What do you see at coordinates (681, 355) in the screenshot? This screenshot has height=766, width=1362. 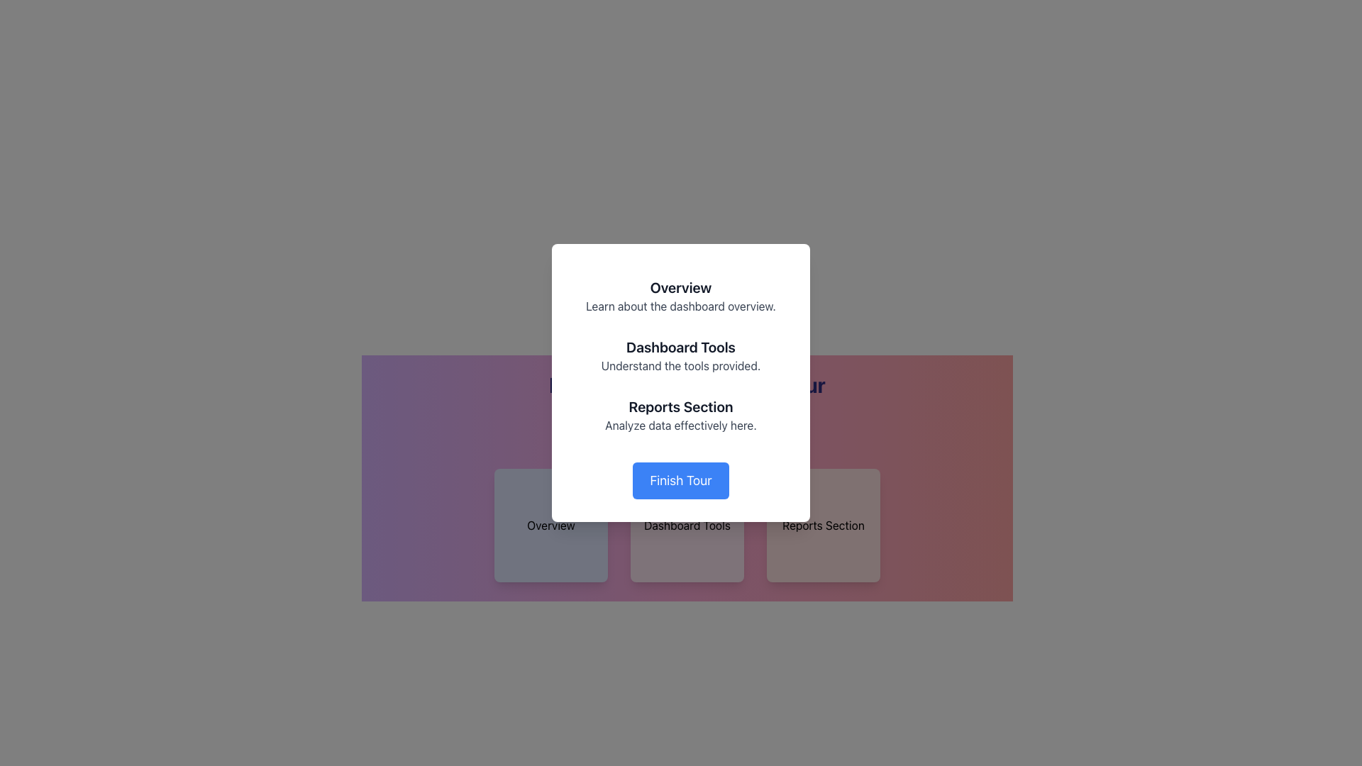 I see `information displayed in the 'Dashboard Tools' header and its subtitle 'Understand the tools provided.' which is centered in the white card layout` at bounding box center [681, 355].